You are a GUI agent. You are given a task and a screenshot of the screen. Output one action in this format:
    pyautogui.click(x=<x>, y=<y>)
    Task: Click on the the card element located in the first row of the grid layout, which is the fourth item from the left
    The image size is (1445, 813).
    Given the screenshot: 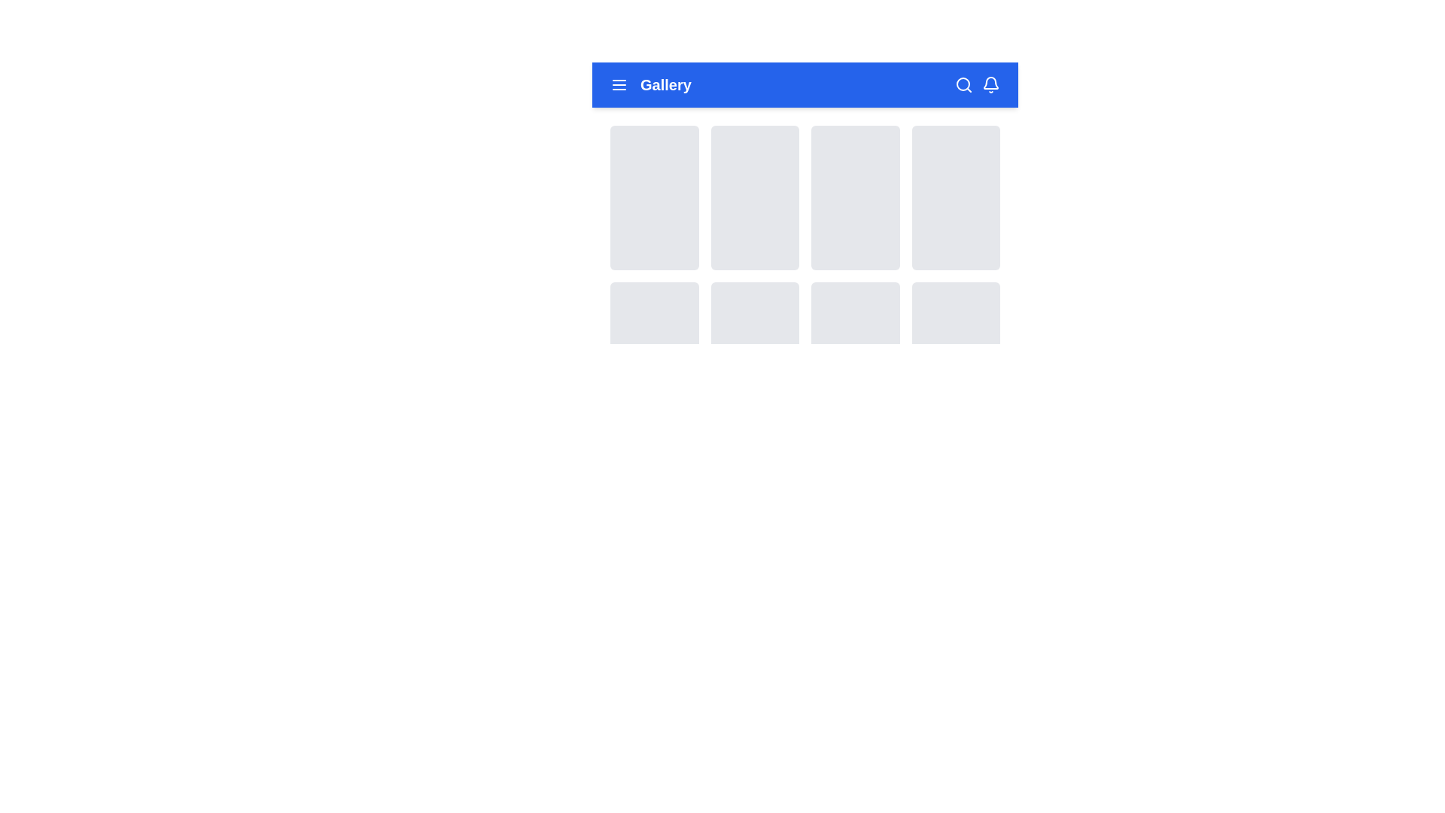 What is the action you would take?
    pyautogui.click(x=955, y=196)
    